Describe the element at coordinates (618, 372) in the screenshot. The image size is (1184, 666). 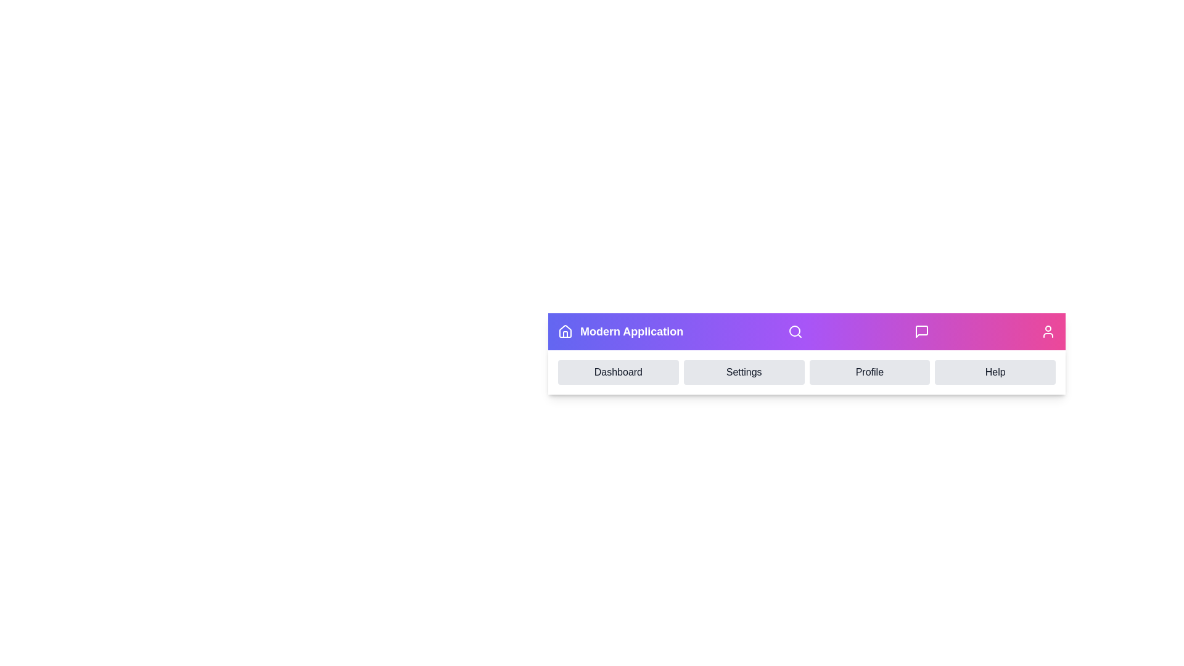
I see `the menu item Dashboard in the navigation menu` at that location.